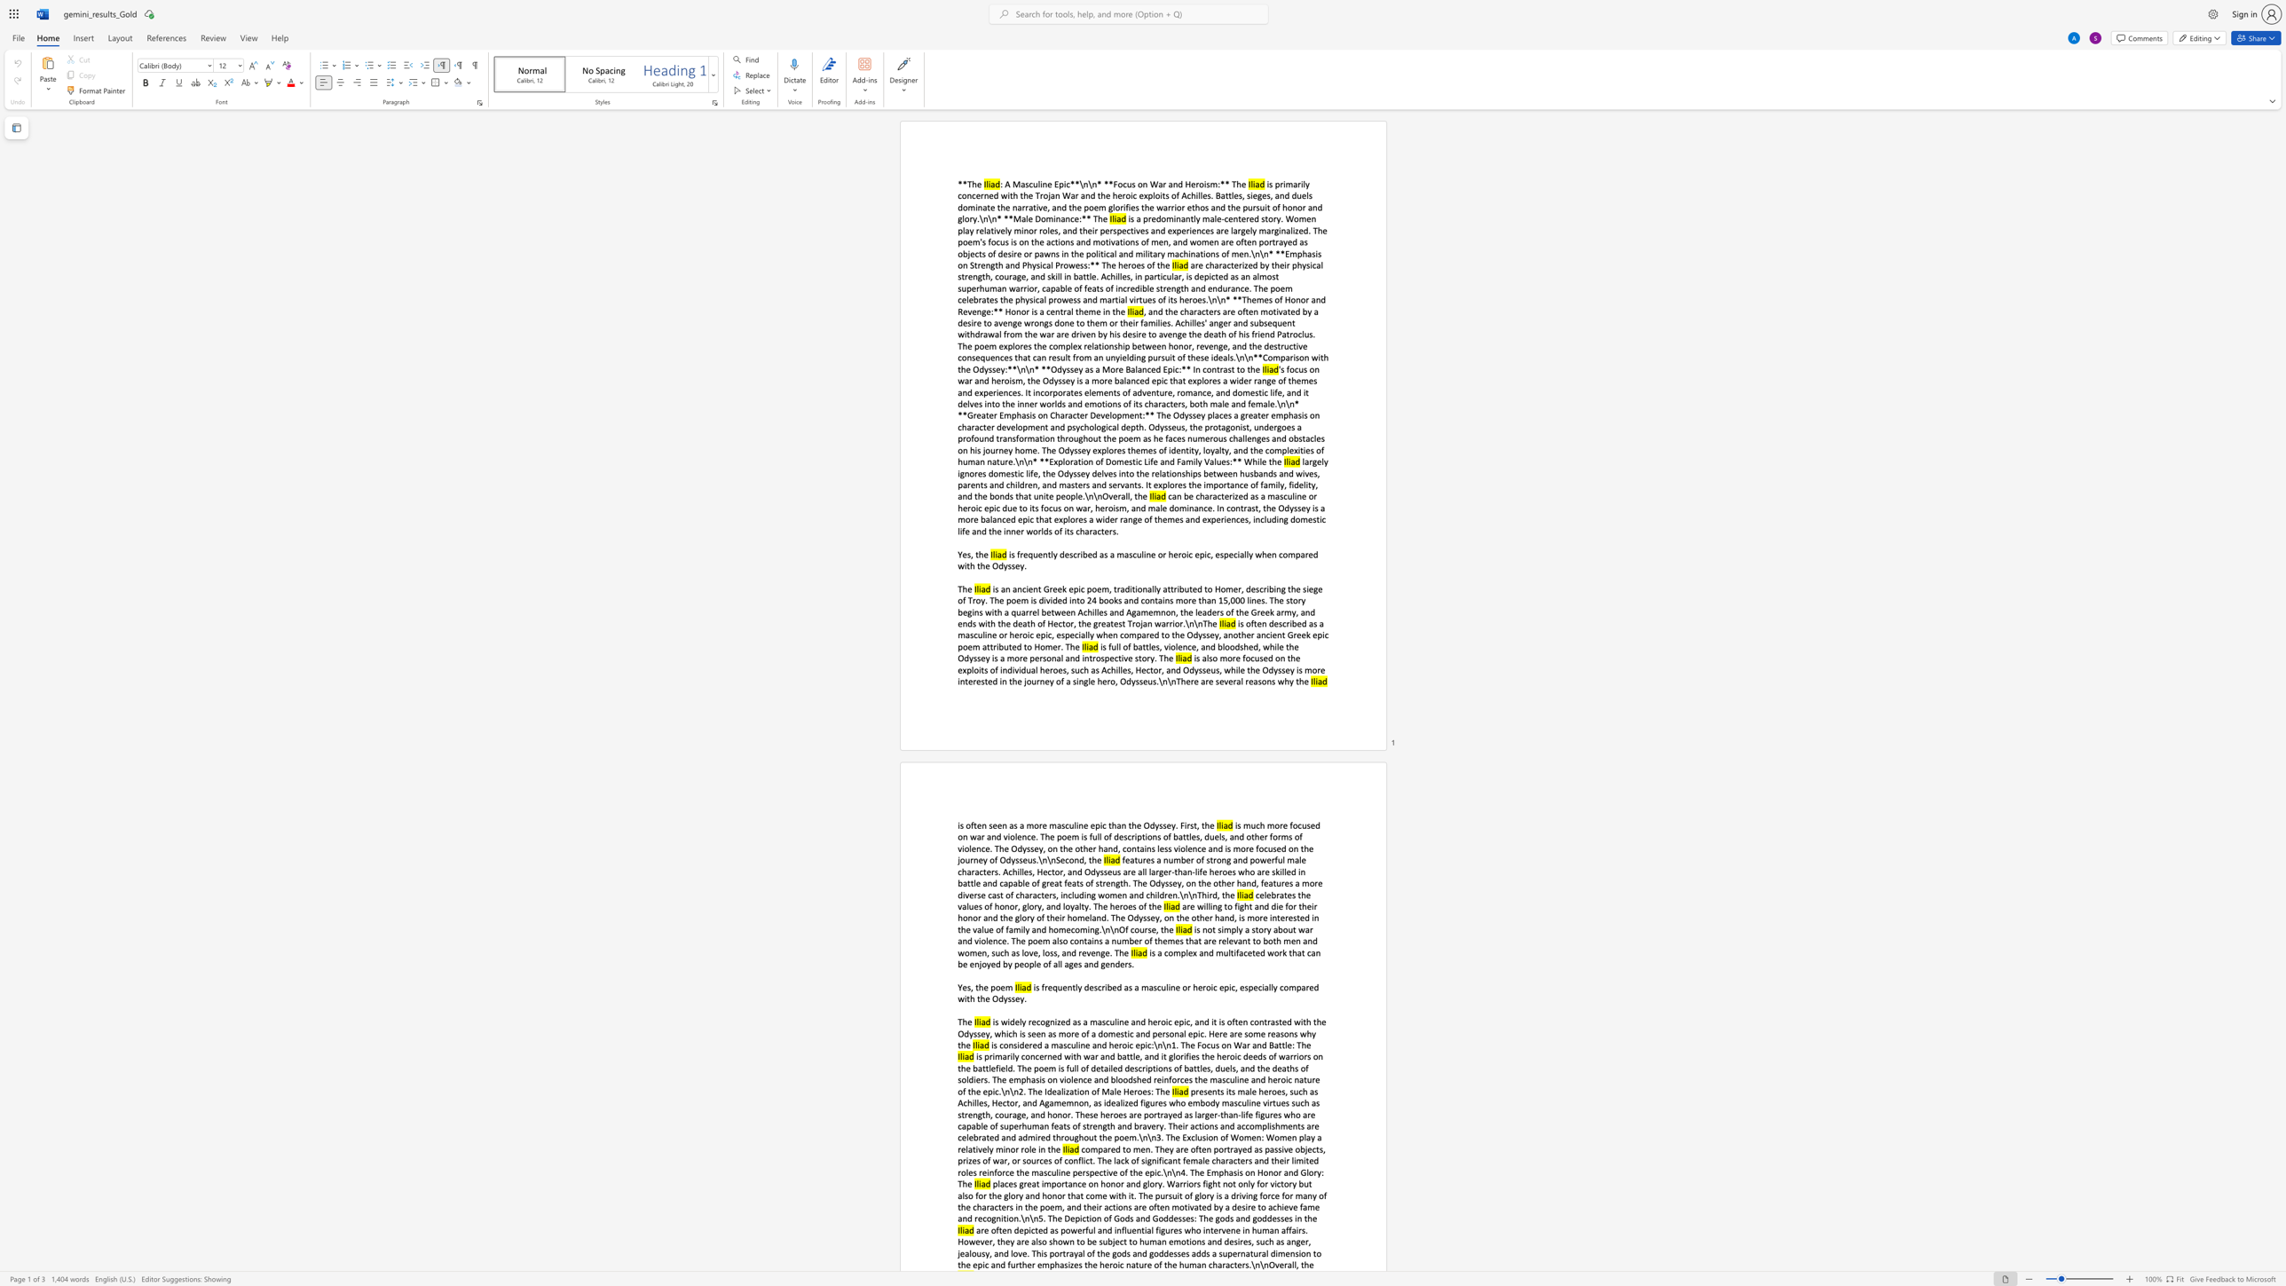 The height and width of the screenshot is (1286, 2286). What do you see at coordinates (1300, 194) in the screenshot?
I see `the subset text "els dominate the narrative, and the poem glorifies the warrior ethos and t" within the text "is primarily concerned with the Trojan War and the heroic exploits of Achilles. Battles, sieges, and duels dominate the narrative, and the poem glorifies the warrior ethos and the pursuit of honor and glory.\n\n* **Male Dominance:** The"` at bounding box center [1300, 194].